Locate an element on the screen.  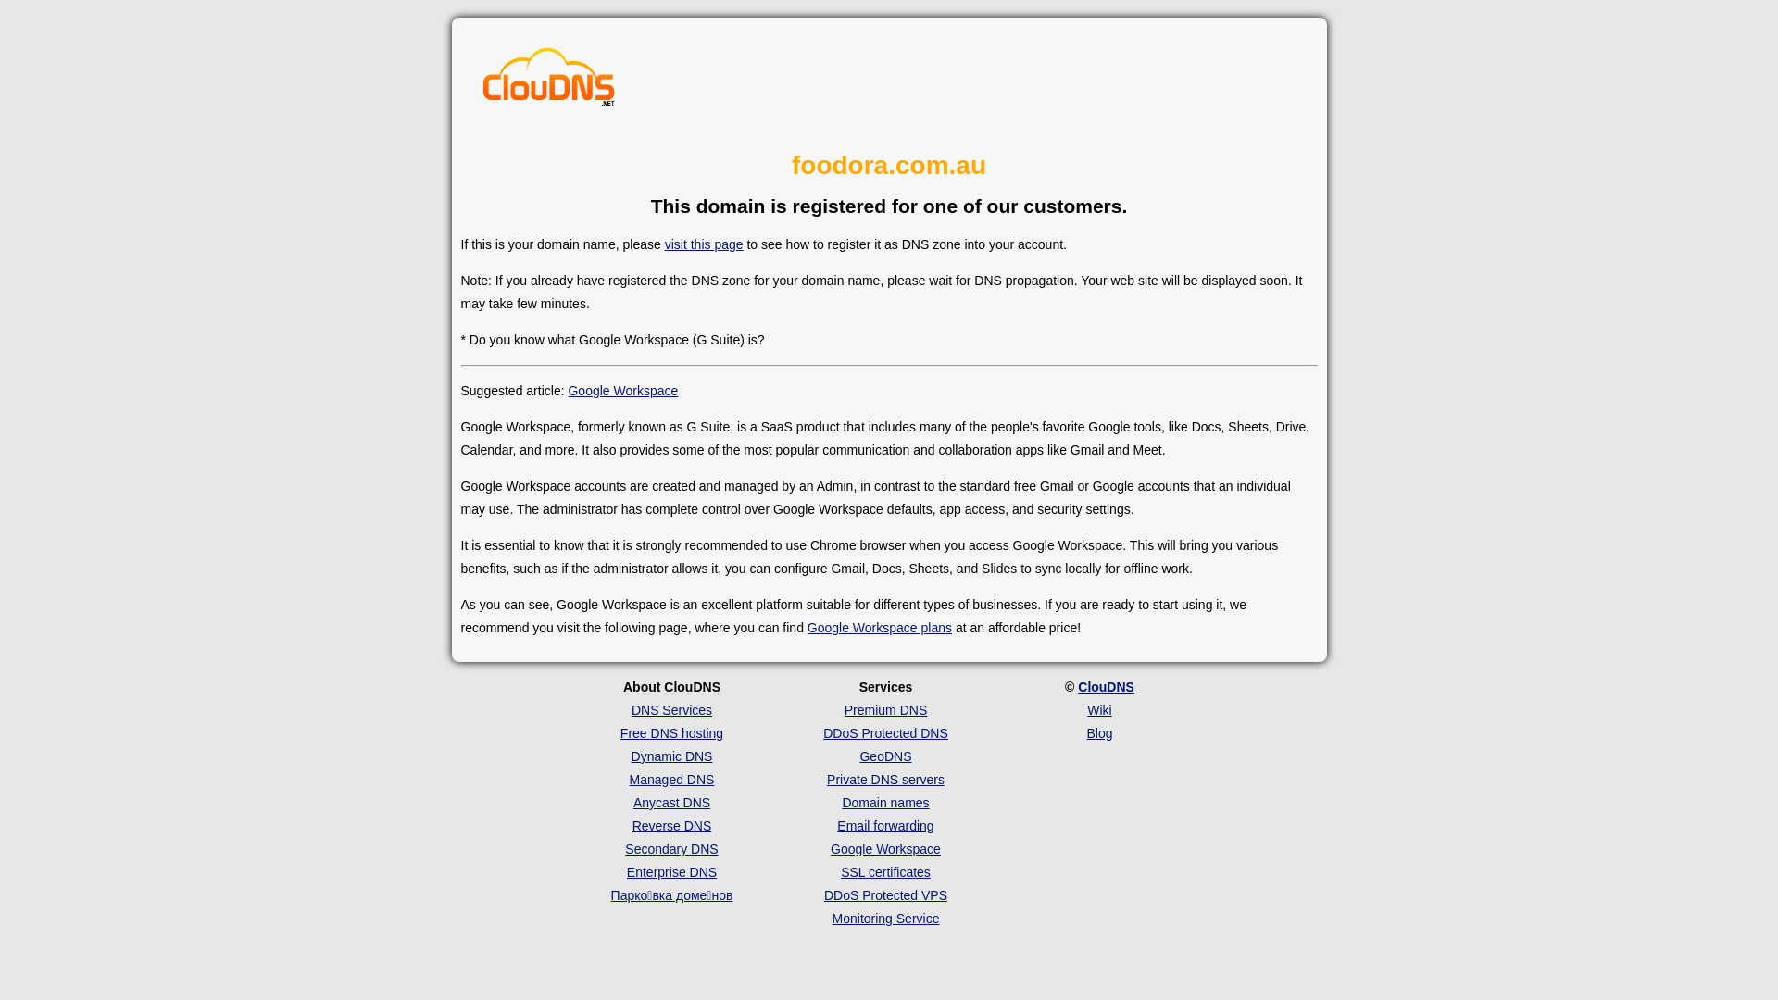
'Blog' is located at coordinates (1098, 731).